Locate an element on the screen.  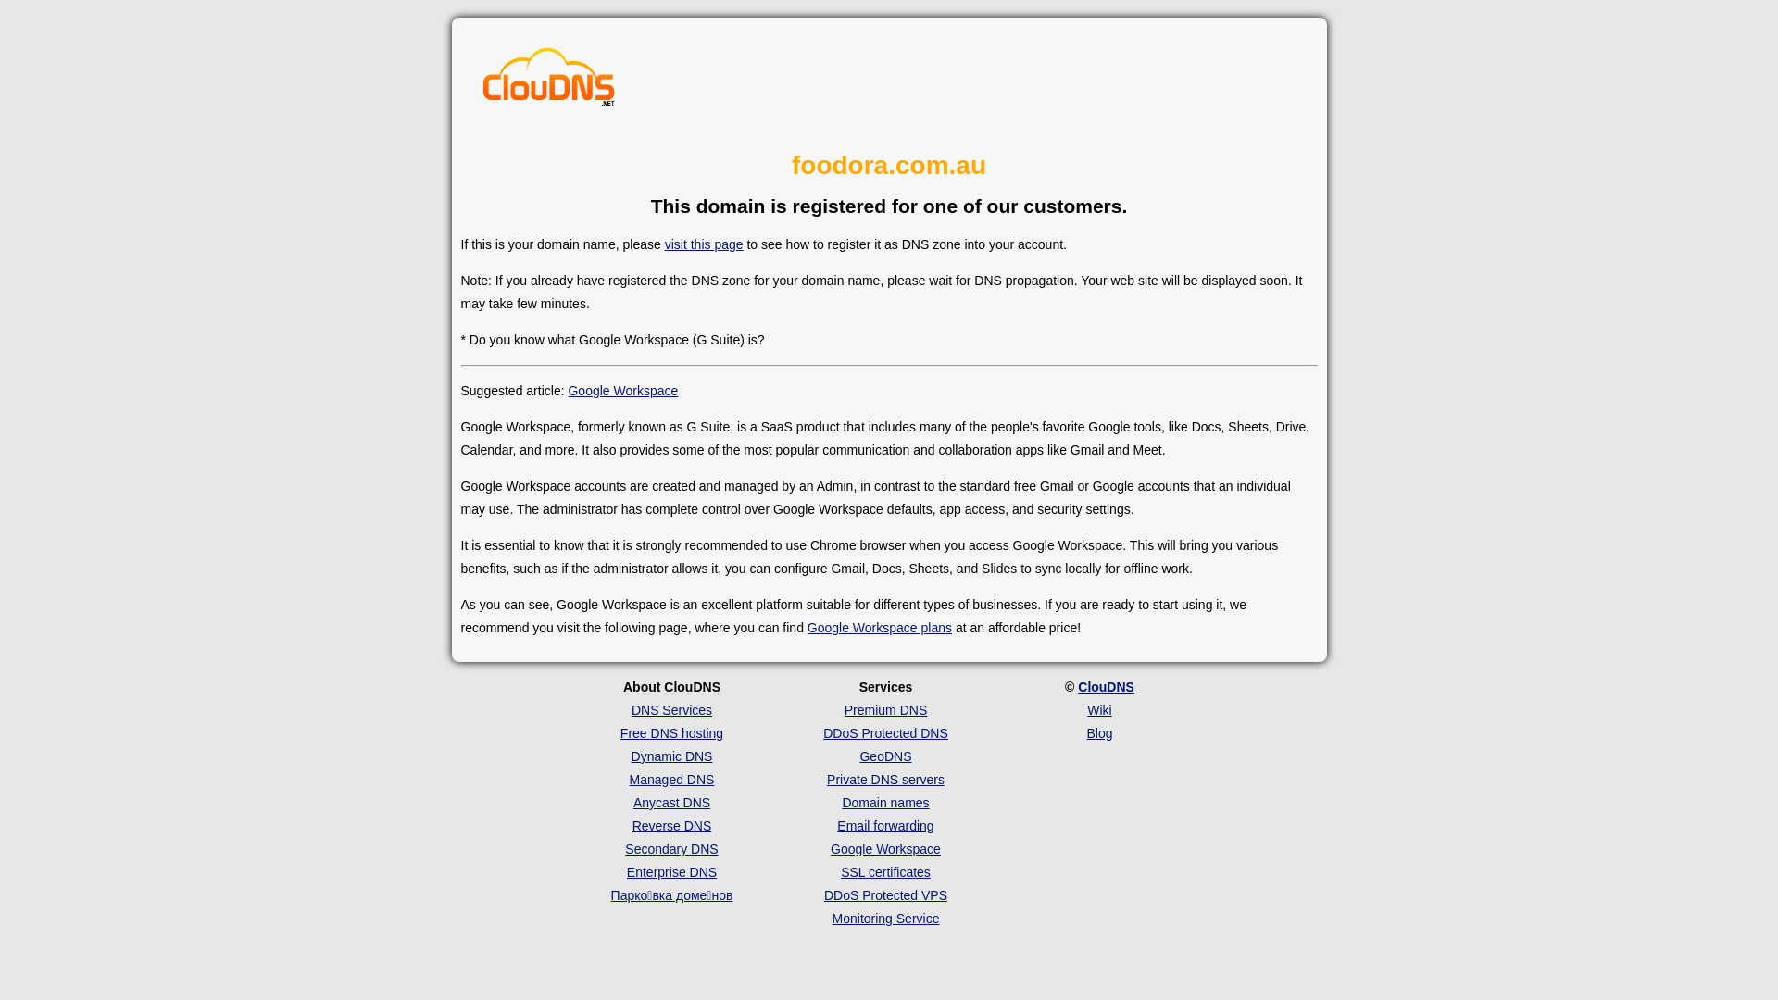
'Blog' is located at coordinates (1098, 731).